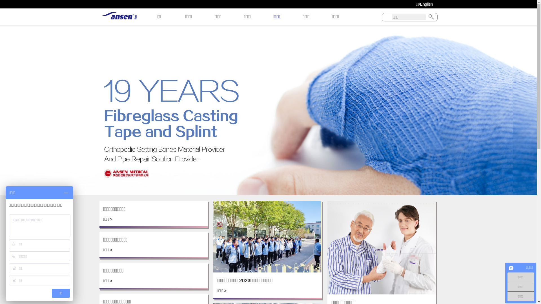  I want to click on 'English', so click(426, 4).